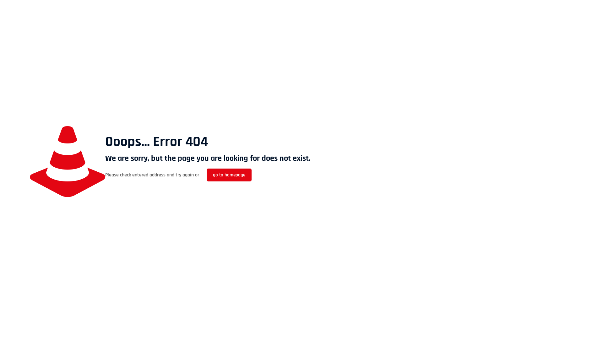 The width and height of the screenshot is (603, 339). What do you see at coordinates (229, 175) in the screenshot?
I see `'go to homepage'` at bounding box center [229, 175].